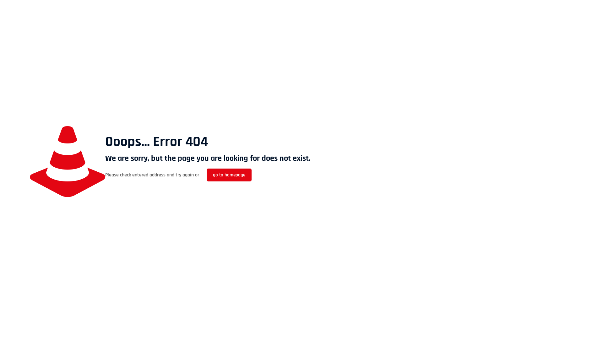 The width and height of the screenshot is (603, 339). What do you see at coordinates (229, 175) in the screenshot?
I see `'go to homepage'` at bounding box center [229, 175].